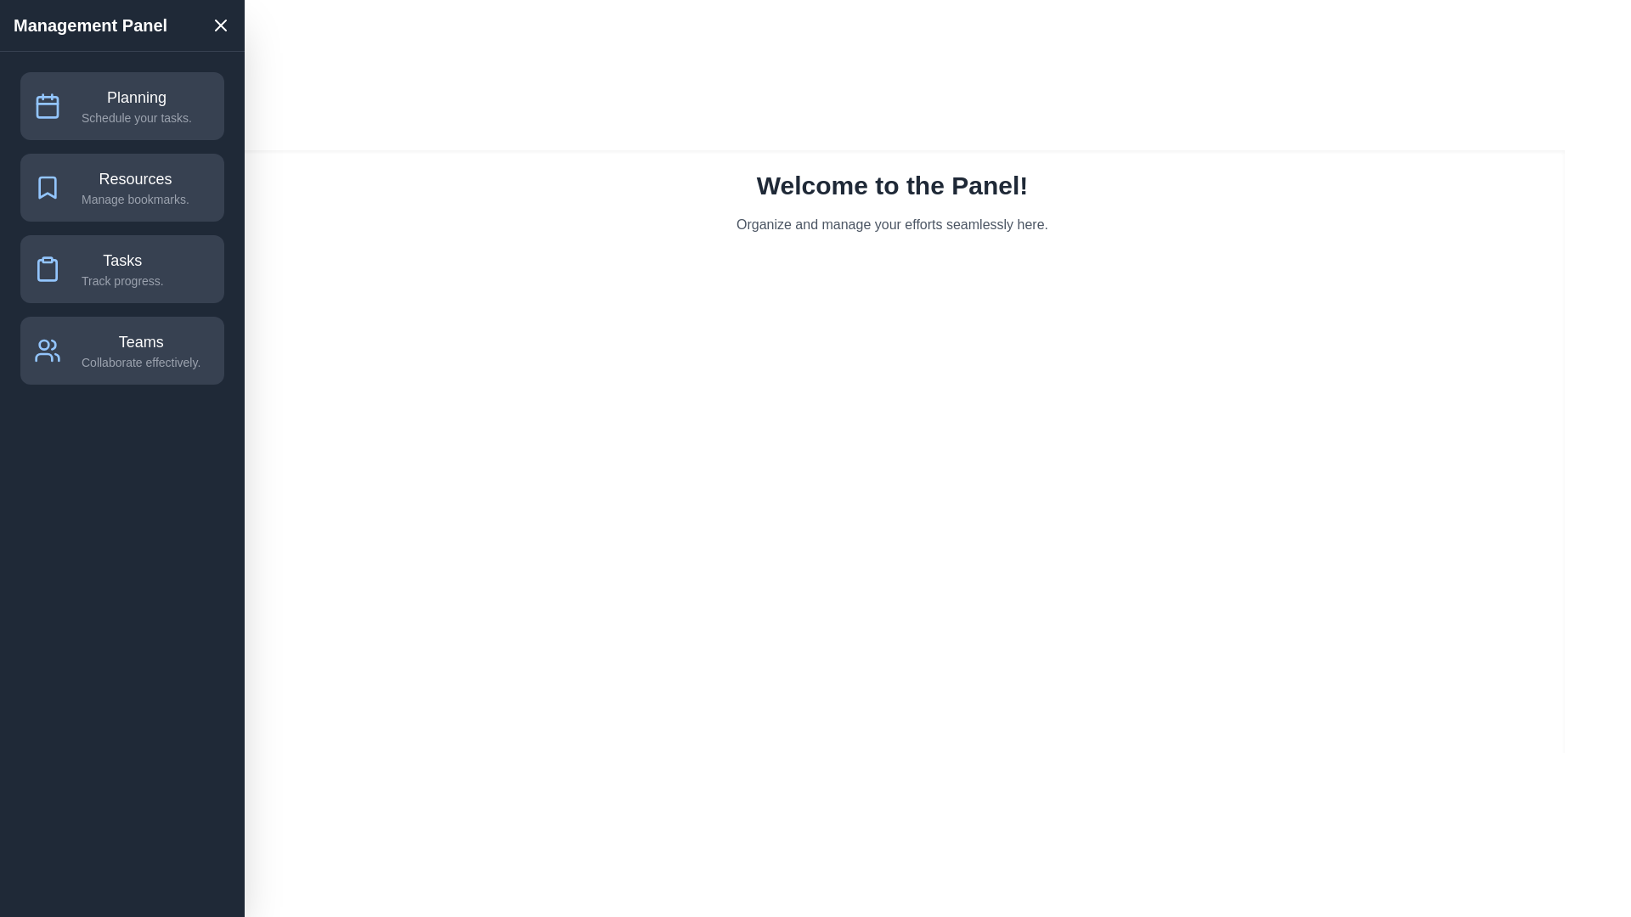 The width and height of the screenshot is (1631, 917). Describe the element at coordinates (219, 25) in the screenshot. I see `close button in the drawer header to close the drawer` at that location.